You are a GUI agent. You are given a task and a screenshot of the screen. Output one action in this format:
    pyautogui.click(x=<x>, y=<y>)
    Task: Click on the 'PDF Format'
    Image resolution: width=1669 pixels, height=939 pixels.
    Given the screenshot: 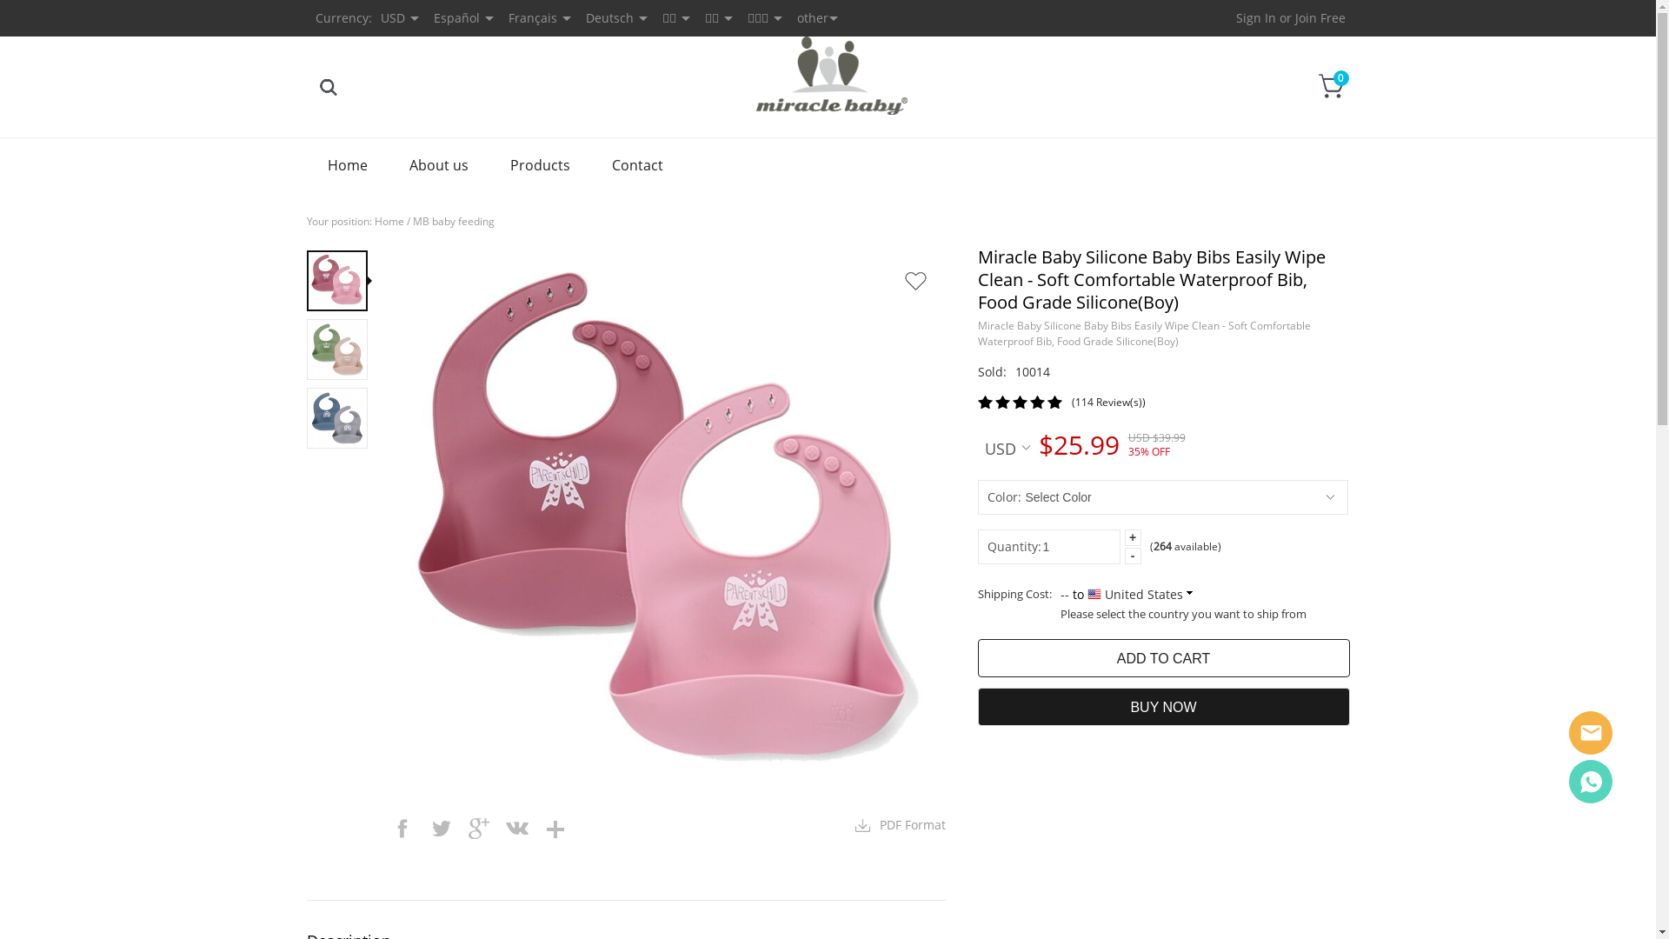 What is the action you would take?
    pyautogui.click(x=901, y=823)
    